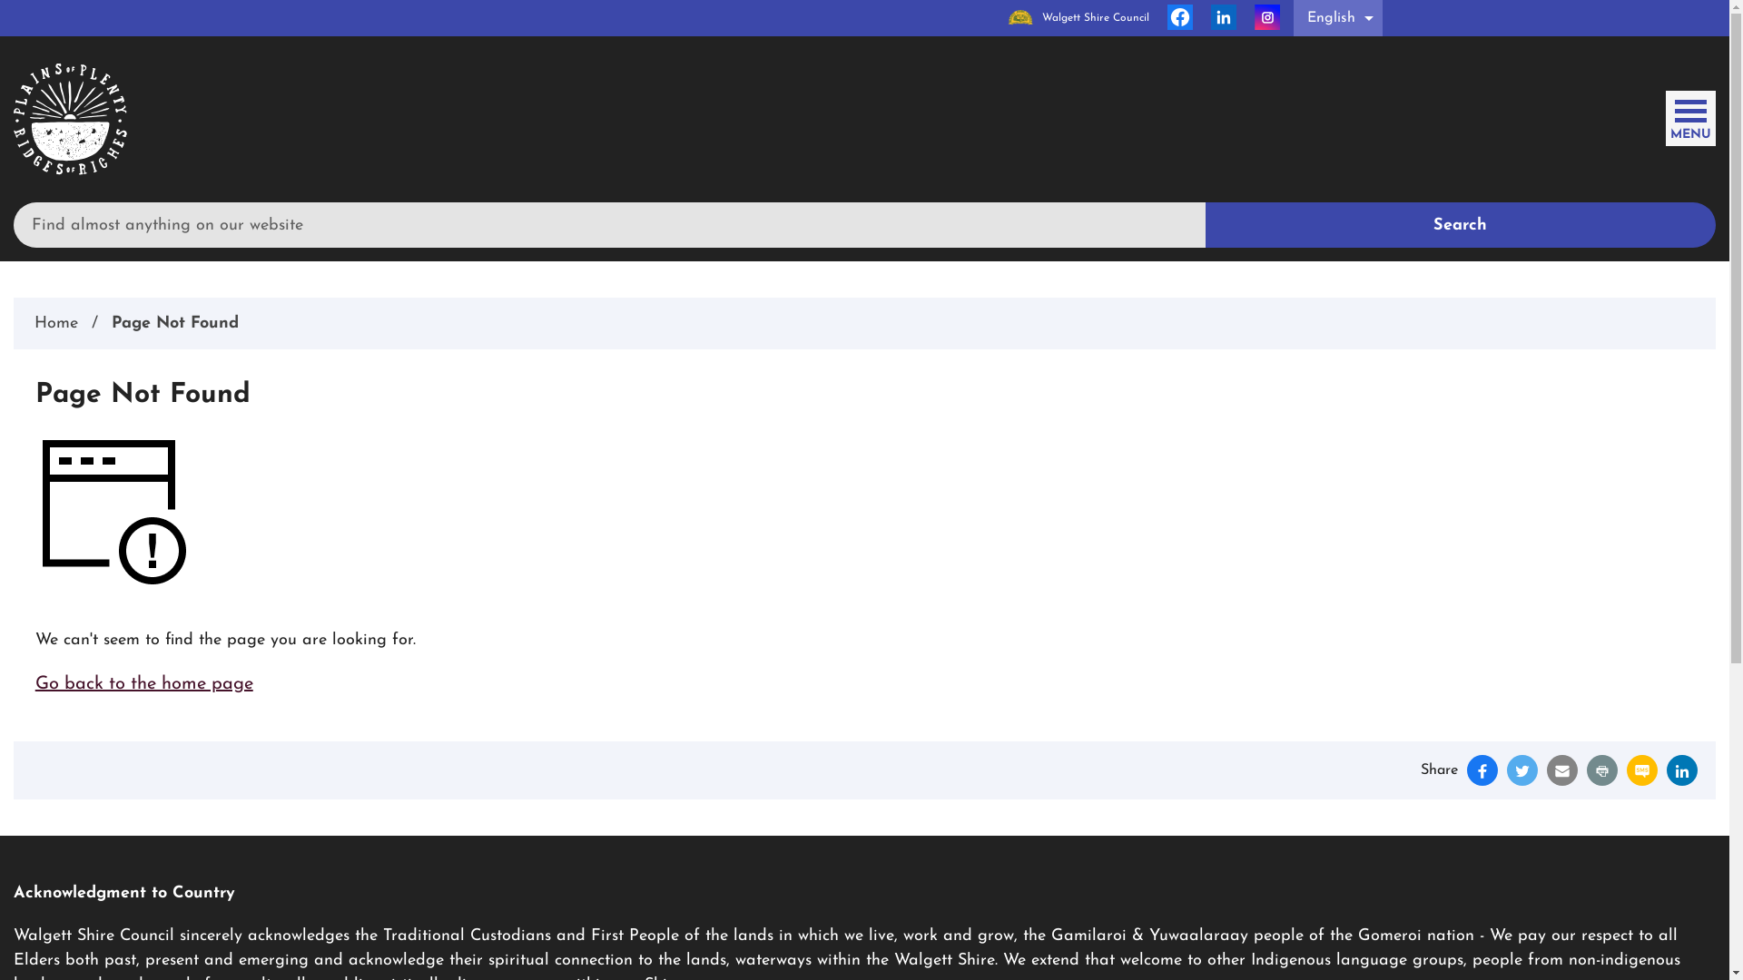 This screenshot has width=1743, height=980. Describe the element at coordinates (70, 119) in the screenshot. I see `'Home - Walgett Shire Council - Logo'` at that location.